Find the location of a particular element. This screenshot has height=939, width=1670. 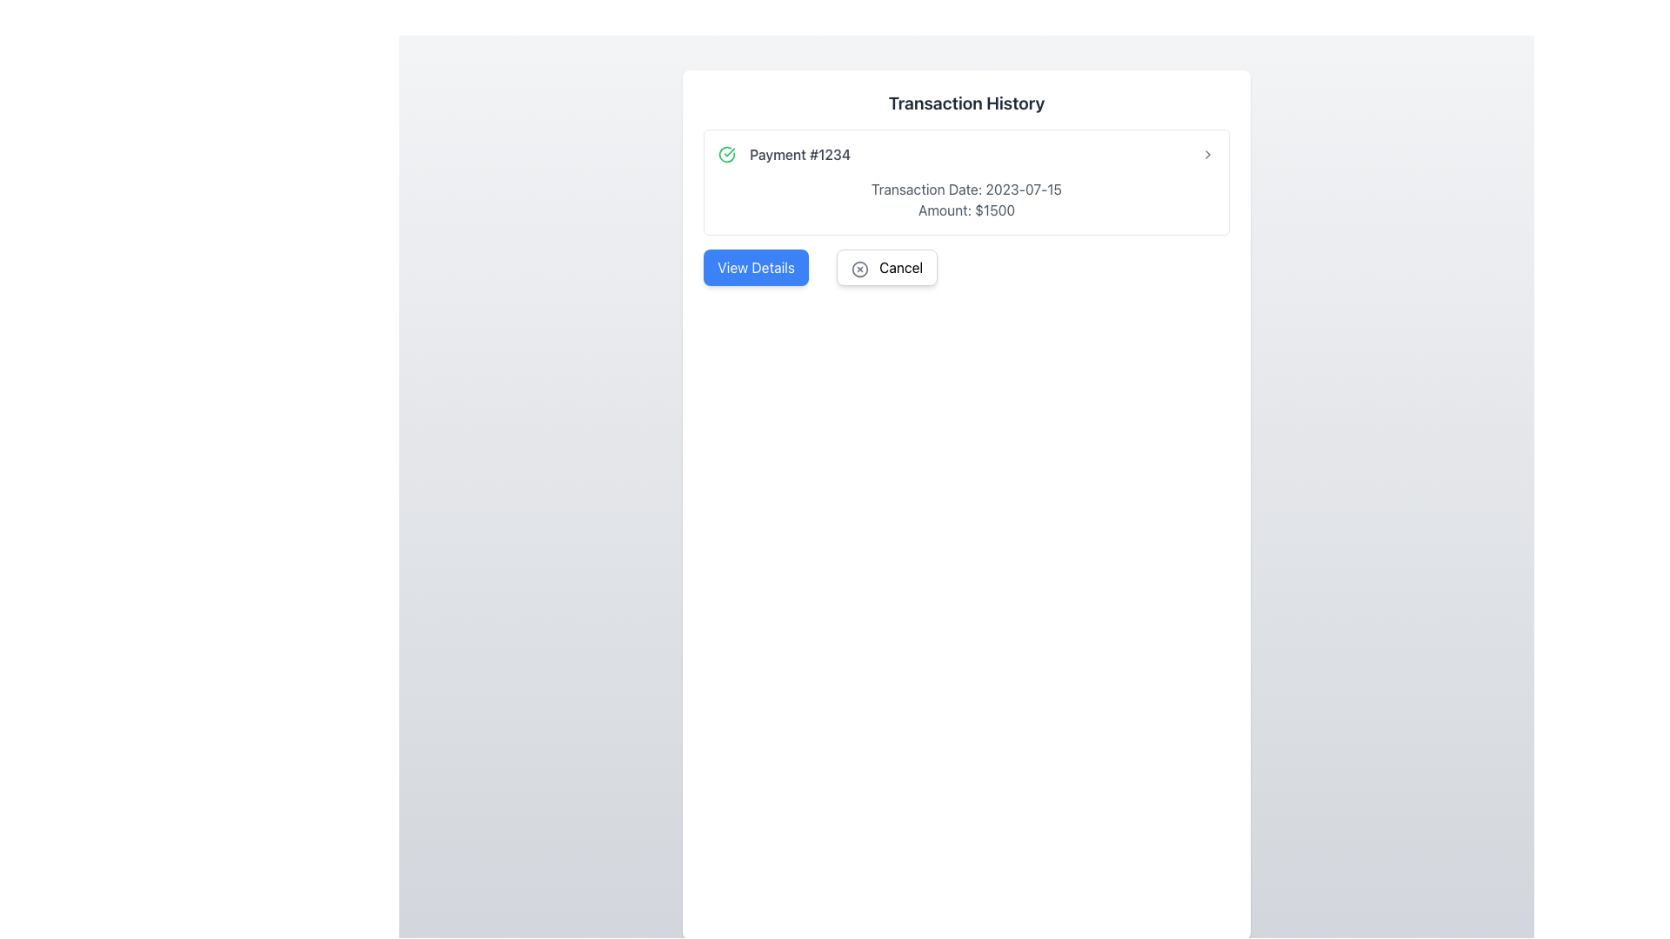

the decorative icon within the 'Cancel' button, located to the right of the 'View Details' button is located at coordinates (859, 269).